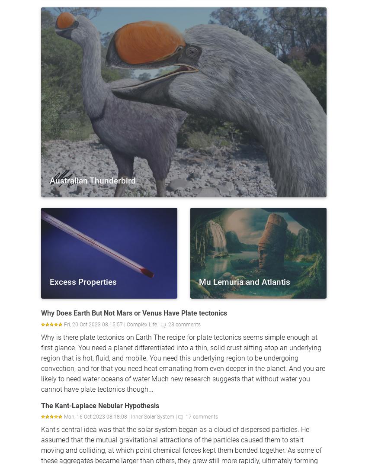 This screenshot has height=464, width=391. What do you see at coordinates (95, 324) in the screenshot?
I see `'Fri, 20 Oct 2023 08:15:57                                    |'` at bounding box center [95, 324].